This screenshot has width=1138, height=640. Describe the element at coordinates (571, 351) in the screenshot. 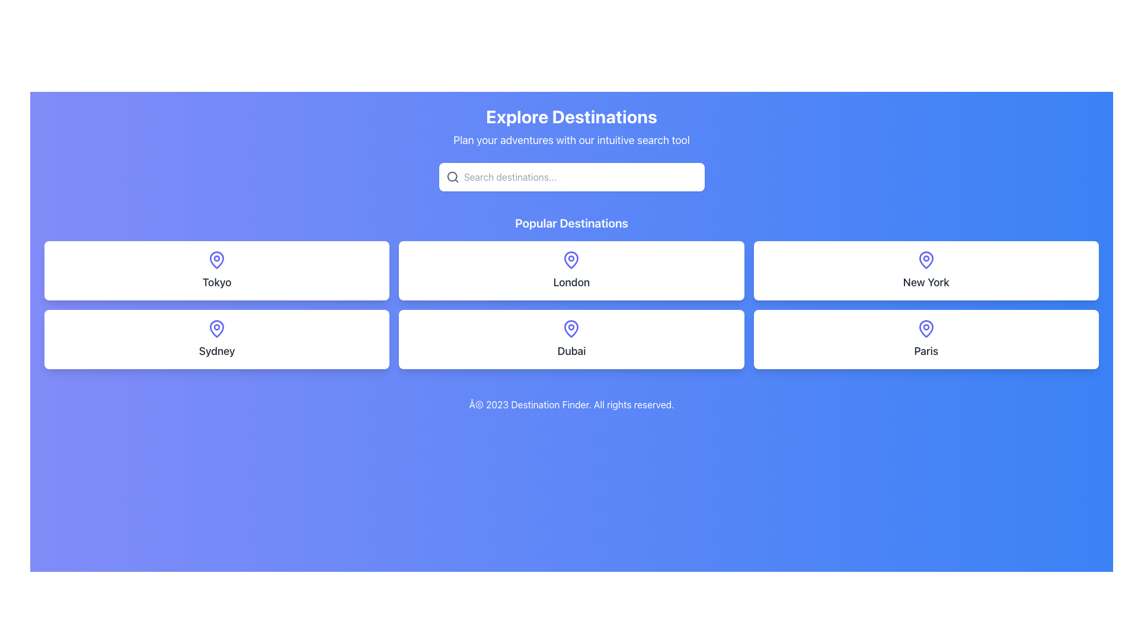

I see `the 'Dubai' text label located in the second row, middle column of the 'Popular Destinations' section, below the map pin icon` at that location.